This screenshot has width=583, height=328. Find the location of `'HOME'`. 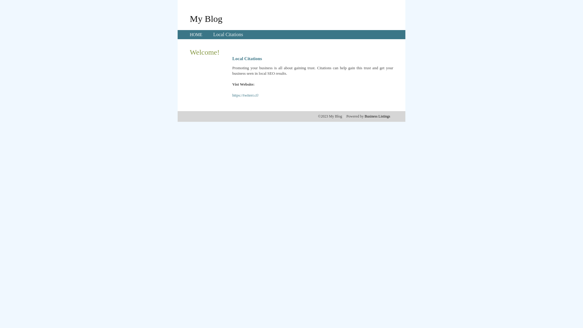

'HOME' is located at coordinates (196, 35).